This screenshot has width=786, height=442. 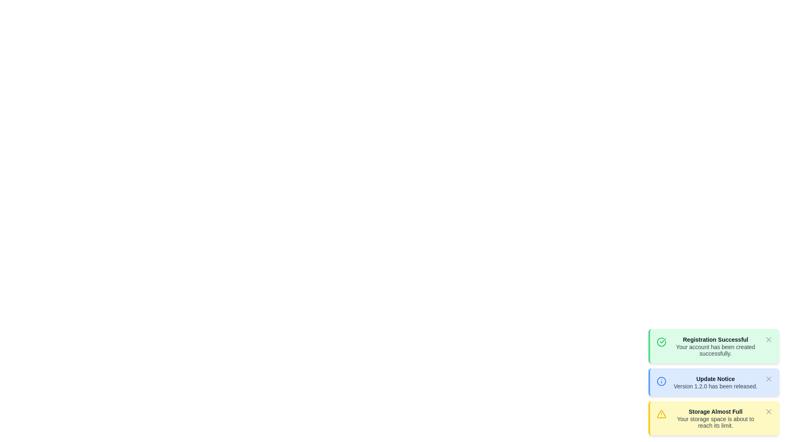 What do you see at coordinates (768, 379) in the screenshot?
I see `the dismiss button located in the top-right corner of the notification card, adjacent to the text 'Update Notice Version 1.2.0 has been released', to change its color` at bounding box center [768, 379].